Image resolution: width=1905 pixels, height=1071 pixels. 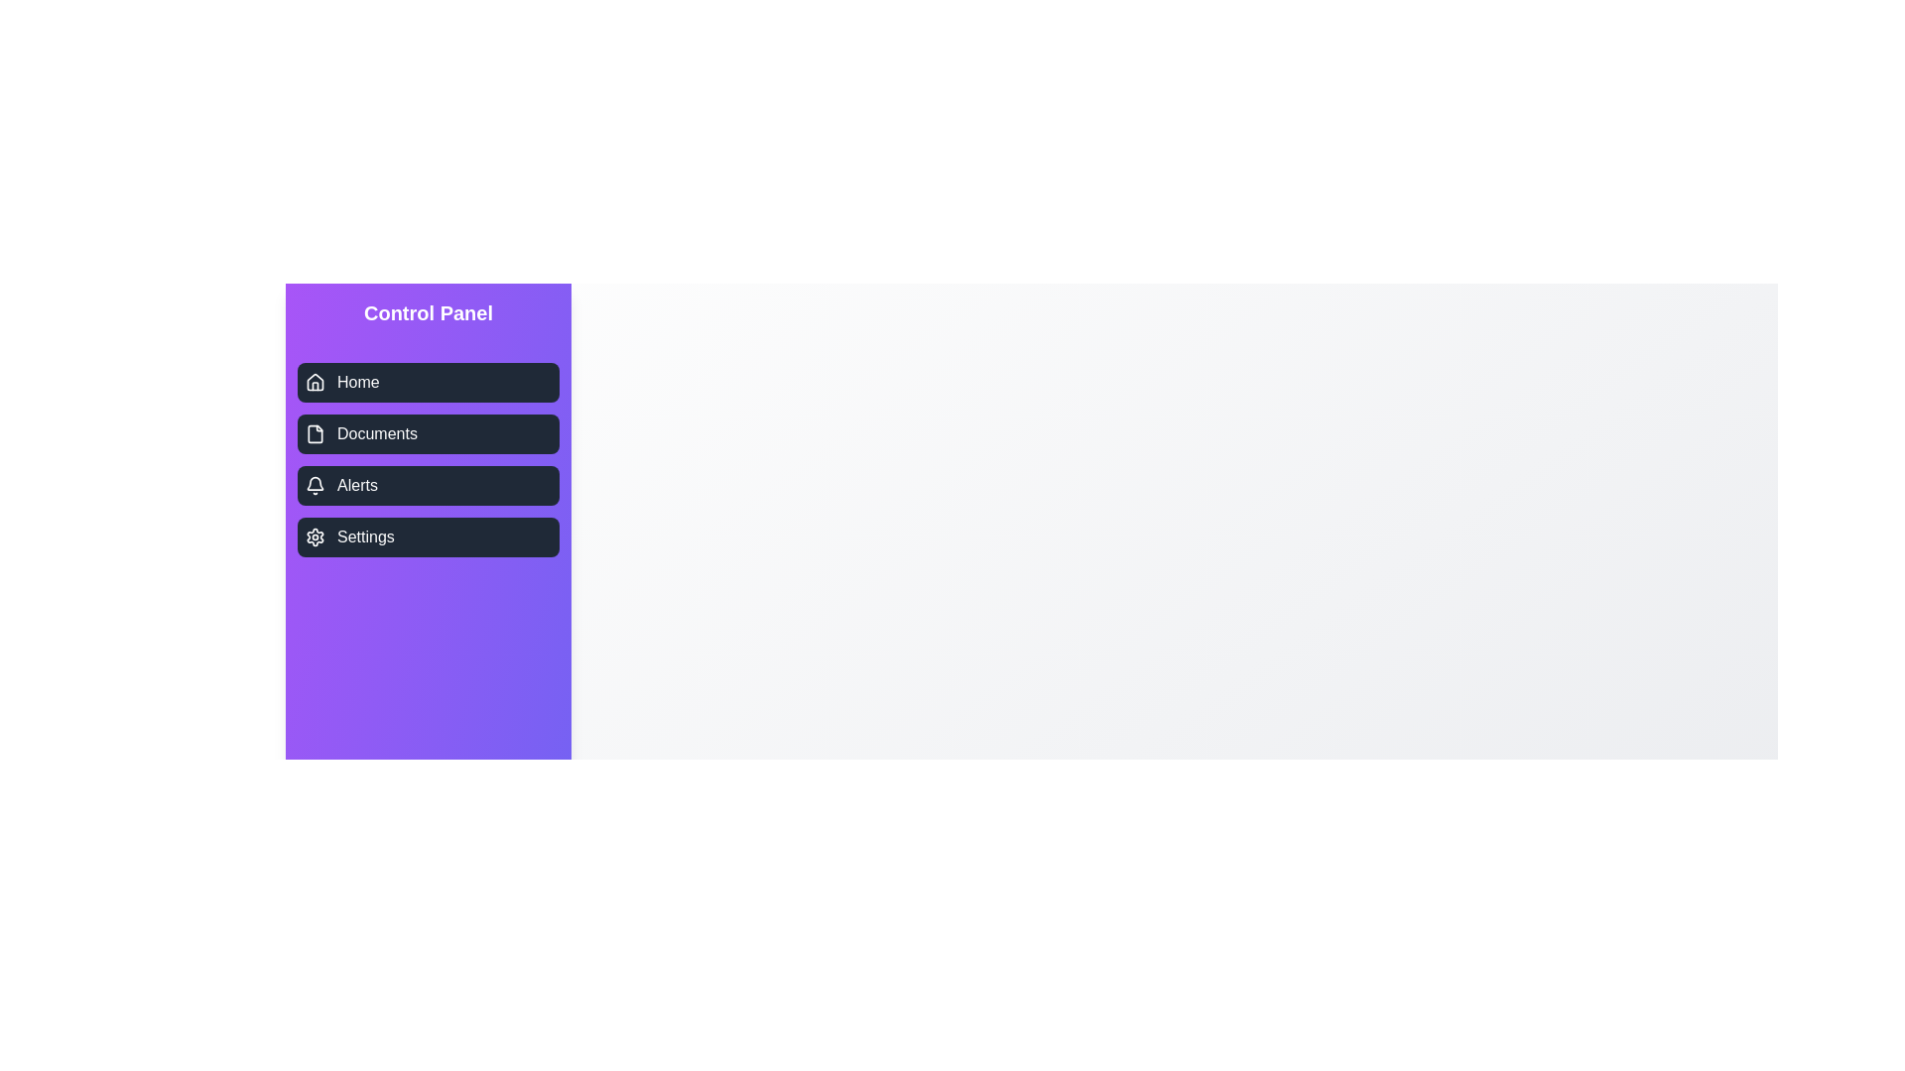 What do you see at coordinates (428, 382) in the screenshot?
I see `the navigation item Home to view its hover effect` at bounding box center [428, 382].